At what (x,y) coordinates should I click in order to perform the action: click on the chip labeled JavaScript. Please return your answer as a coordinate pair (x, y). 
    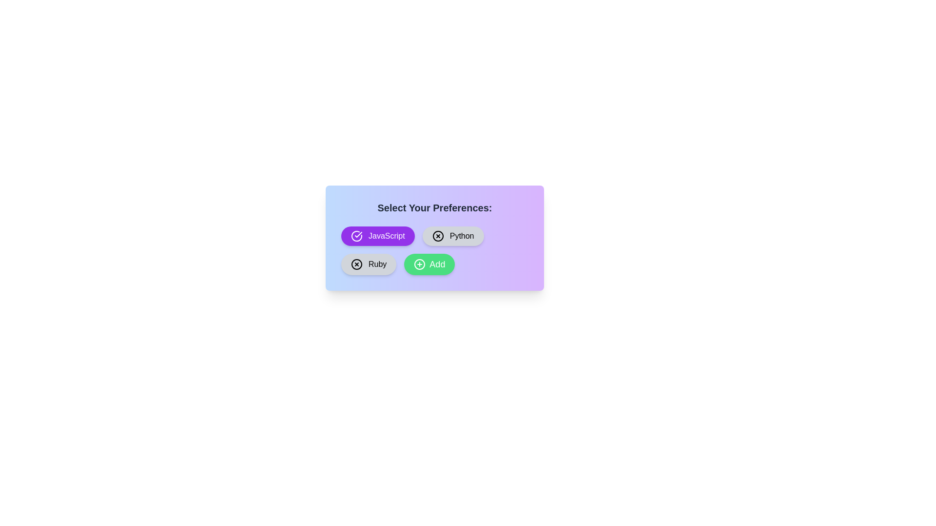
    Looking at the image, I should click on (377, 236).